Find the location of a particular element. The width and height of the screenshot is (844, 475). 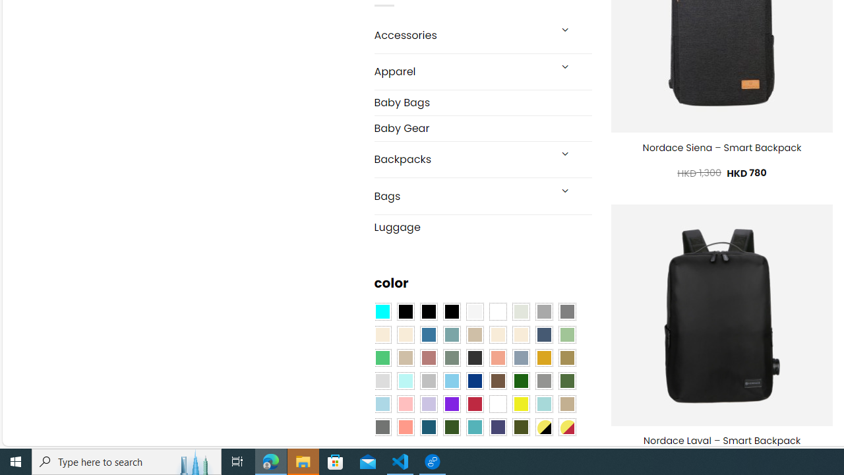

'Blue' is located at coordinates (429, 334).